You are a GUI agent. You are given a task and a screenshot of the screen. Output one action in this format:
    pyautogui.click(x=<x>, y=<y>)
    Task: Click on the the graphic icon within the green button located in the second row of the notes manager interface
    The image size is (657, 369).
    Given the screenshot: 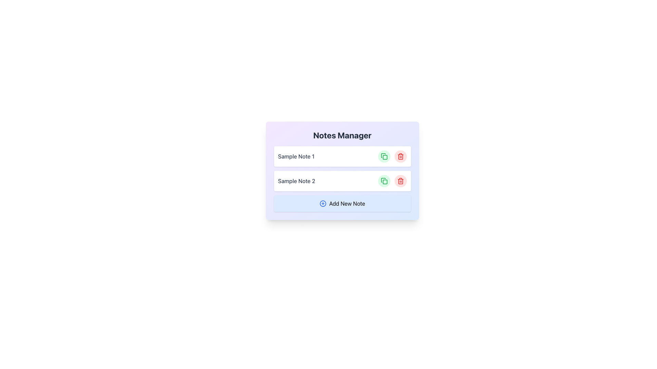 What is the action you would take?
    pyautogui.click(x=385, y=181)
    